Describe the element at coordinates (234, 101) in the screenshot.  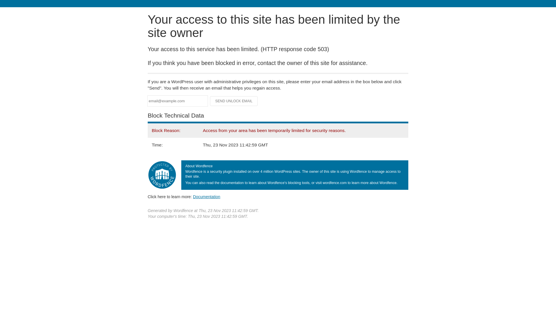
I see `'Send Unlock Email'` at that location.